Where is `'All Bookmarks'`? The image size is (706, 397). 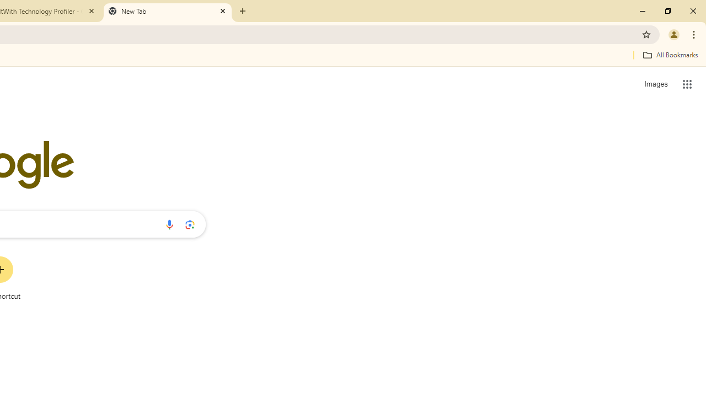 'All Bookmarks' is located at coordinates (670, 55).